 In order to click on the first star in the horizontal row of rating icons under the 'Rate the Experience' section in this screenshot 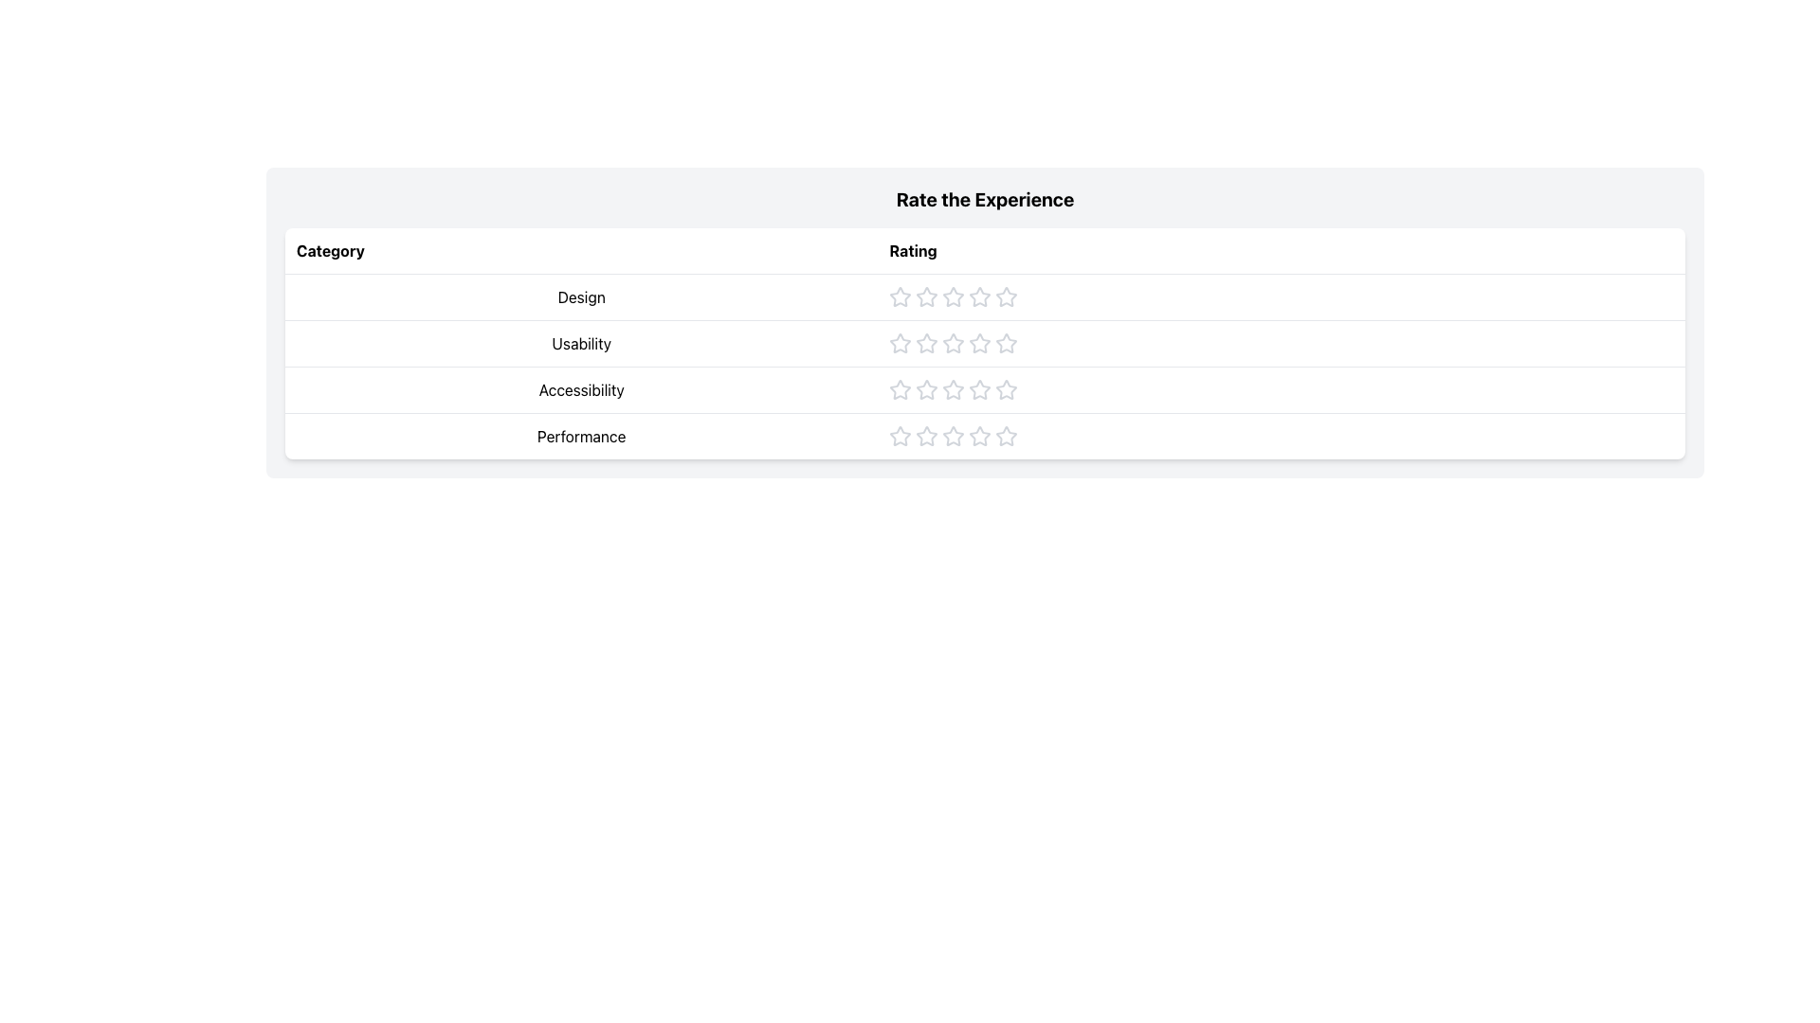, I will do `click(900, 389)`.